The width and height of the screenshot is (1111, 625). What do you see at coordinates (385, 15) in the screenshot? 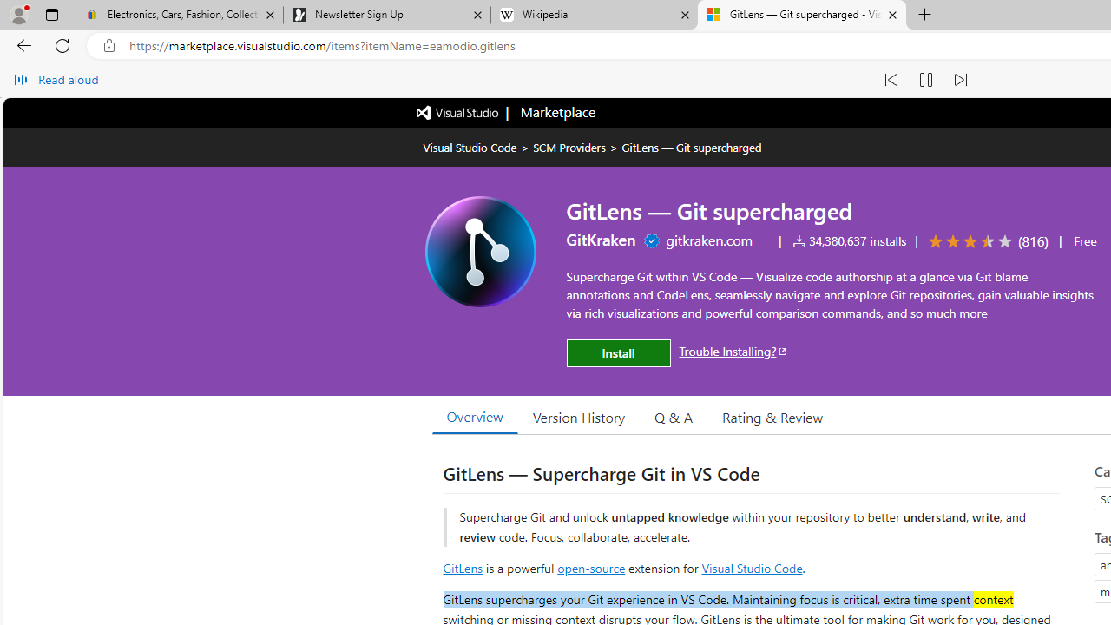
I see `'Newsletter Sign Up'` at bounding box center [385, 15].